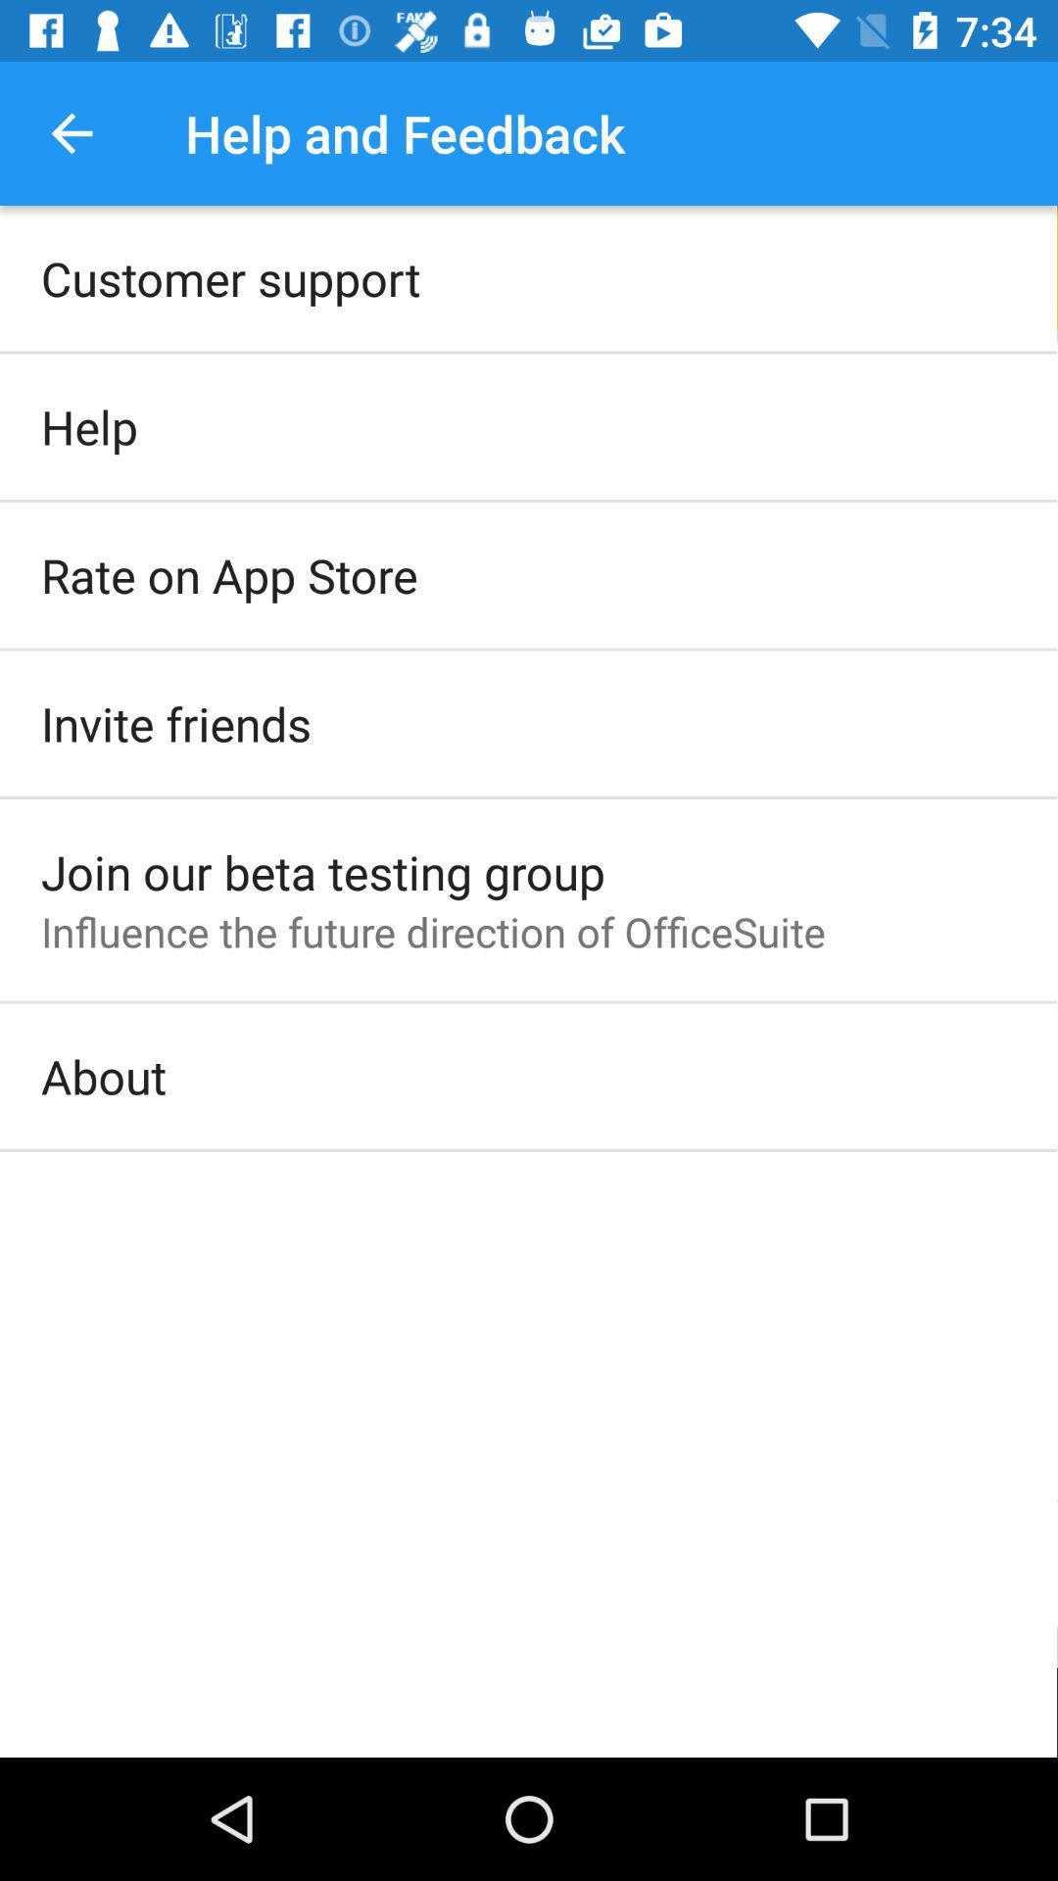 The image size is (1058, 1881). Describe the element at coordinates (71, 132) in the screenshot. I see `the item next to help and feedback item` at that location.